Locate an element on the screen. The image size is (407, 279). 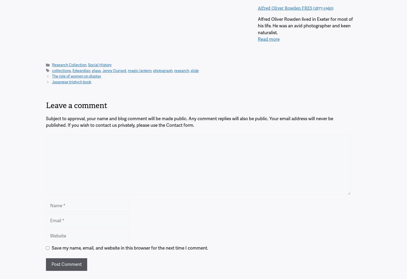
'Japanese triptych book' is located at coordinates (51, 82).